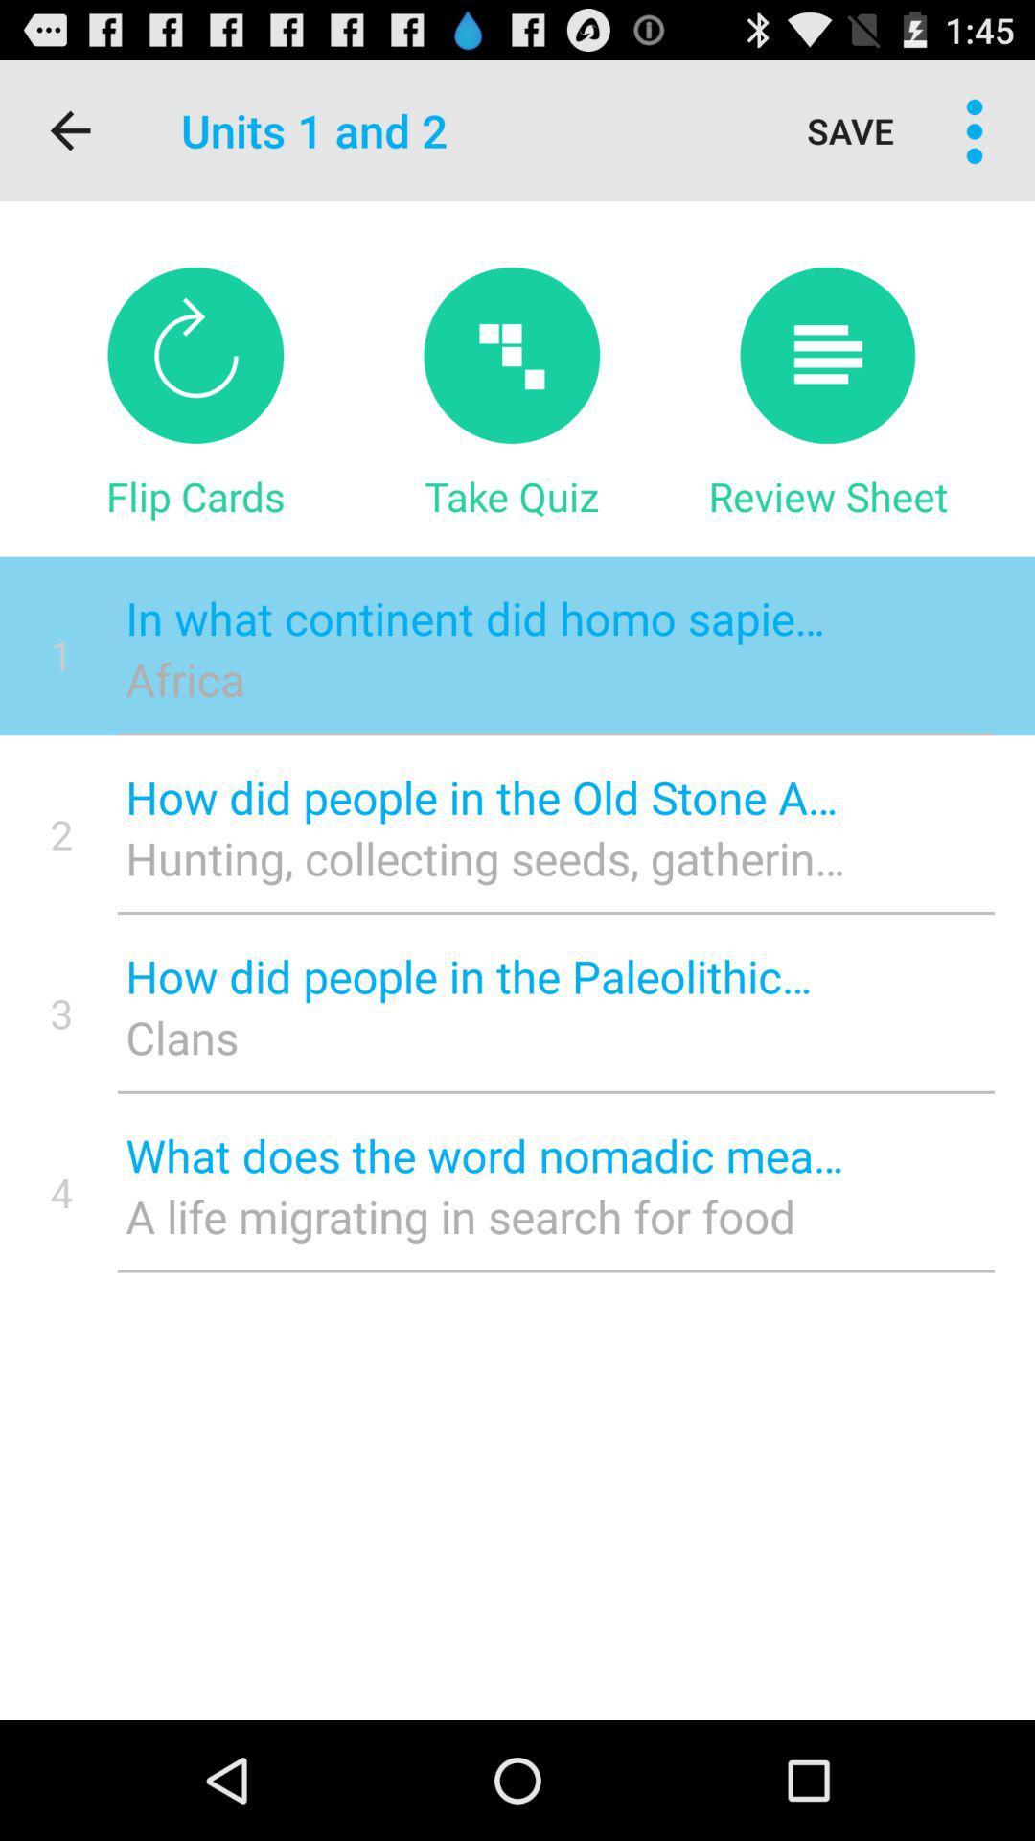  I want to click on item next to flip cards, so click(511, 496).